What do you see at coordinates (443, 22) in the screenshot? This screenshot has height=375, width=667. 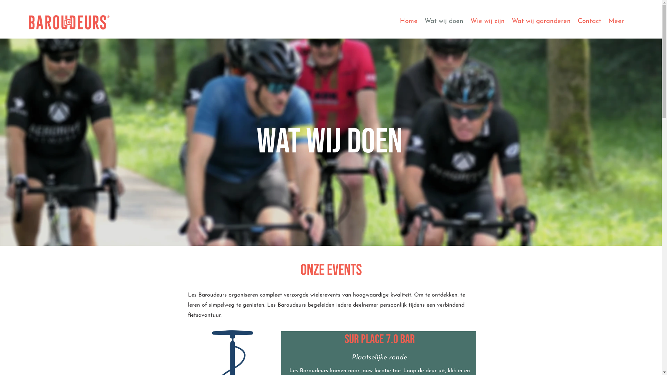 I see `'Wat wij doen'` at bounding box center [443, 22].